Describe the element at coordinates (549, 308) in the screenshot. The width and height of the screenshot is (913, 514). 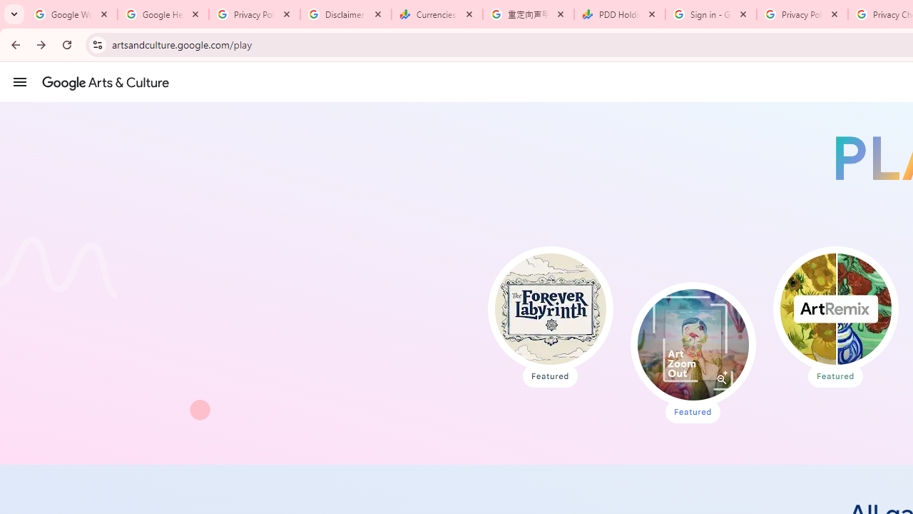
I see `'The Forever Labyrinth'` at that location.